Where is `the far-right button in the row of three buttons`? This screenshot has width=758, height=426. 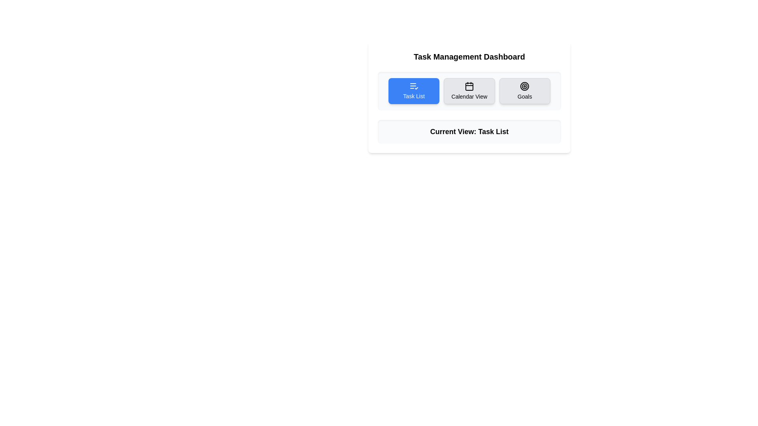 the far-right button in the row of three buttons is located at coordinates (525, 91).